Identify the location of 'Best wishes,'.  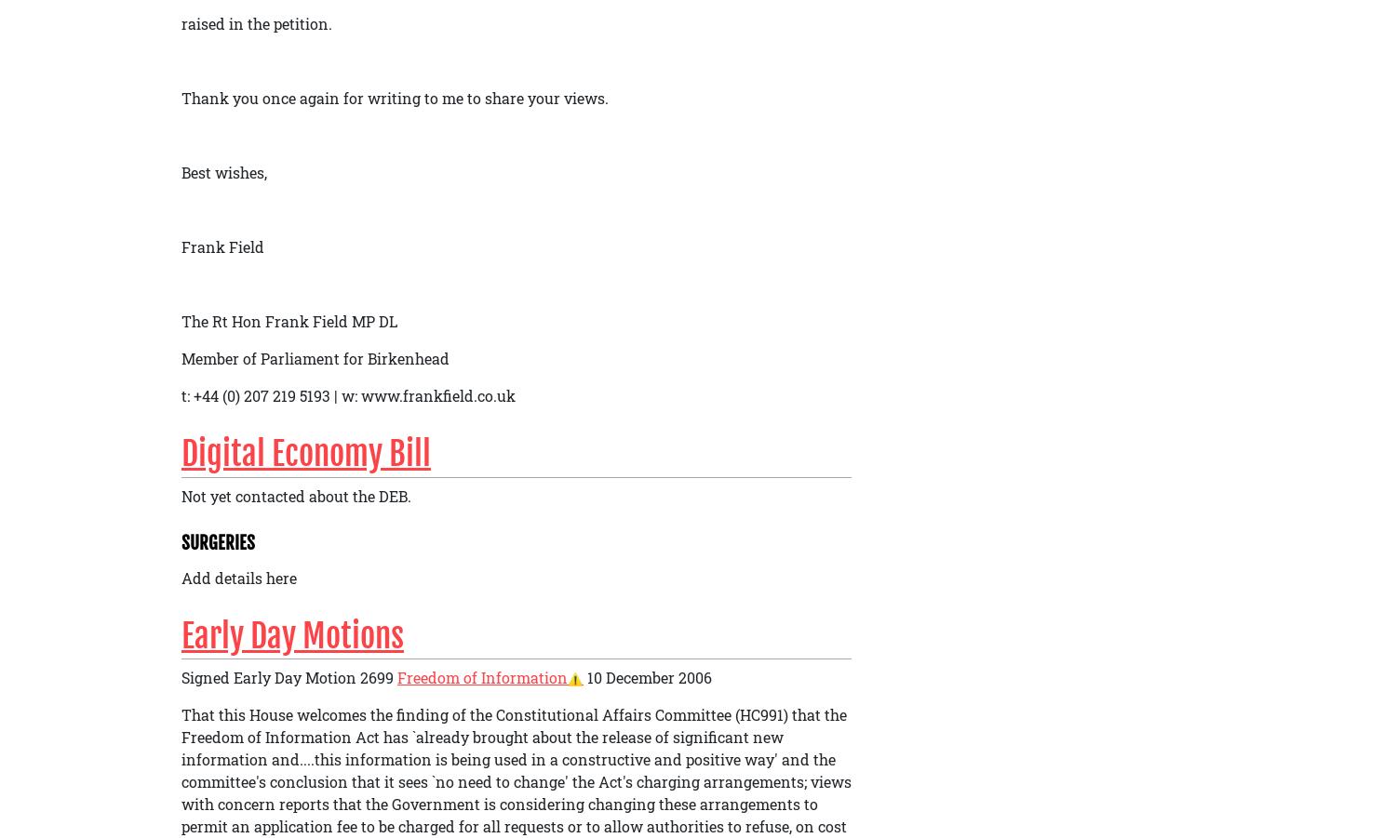
(223, 170).